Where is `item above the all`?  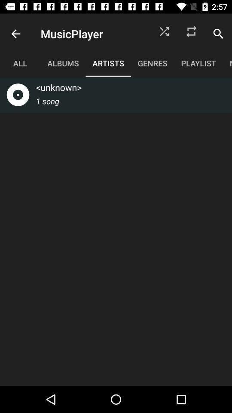 item above the all is located at coordinates (15, 34).